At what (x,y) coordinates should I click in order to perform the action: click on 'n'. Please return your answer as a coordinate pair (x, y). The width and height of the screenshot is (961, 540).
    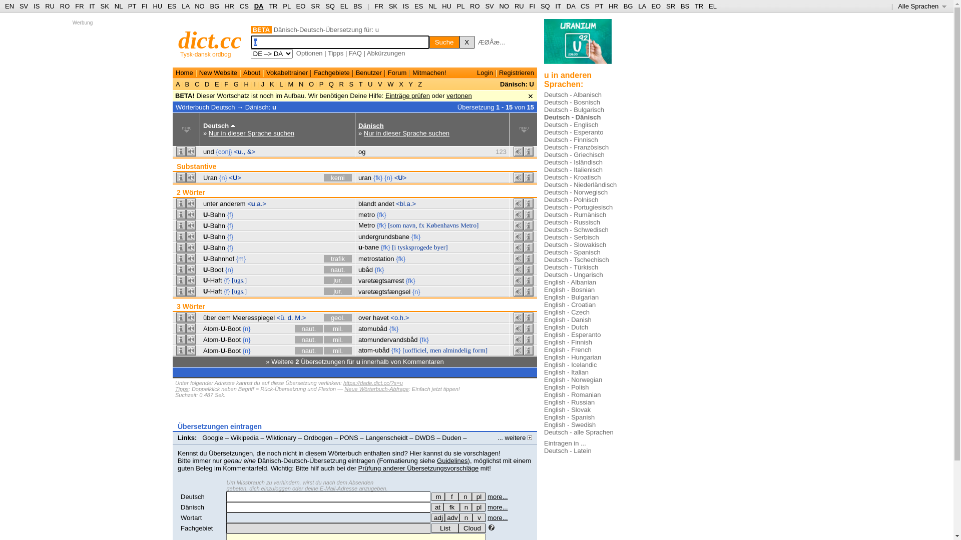
    Looking at the image, I should click on (464, 496).